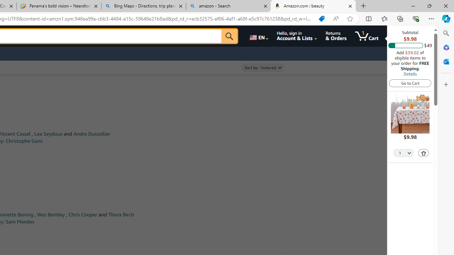  Describe the element at coordinates (20, 221) in the screenshot. I see `'Sam Mendes'` at that location.